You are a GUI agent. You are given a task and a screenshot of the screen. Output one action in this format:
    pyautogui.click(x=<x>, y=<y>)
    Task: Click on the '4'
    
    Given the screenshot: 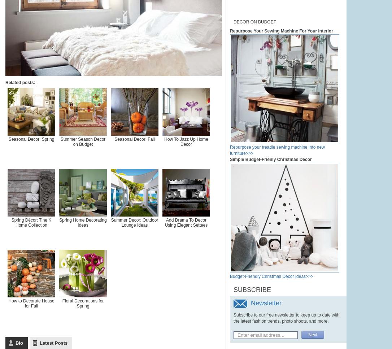 What is the action you would take?
    pyautogui.click(x=217, y=70)
    